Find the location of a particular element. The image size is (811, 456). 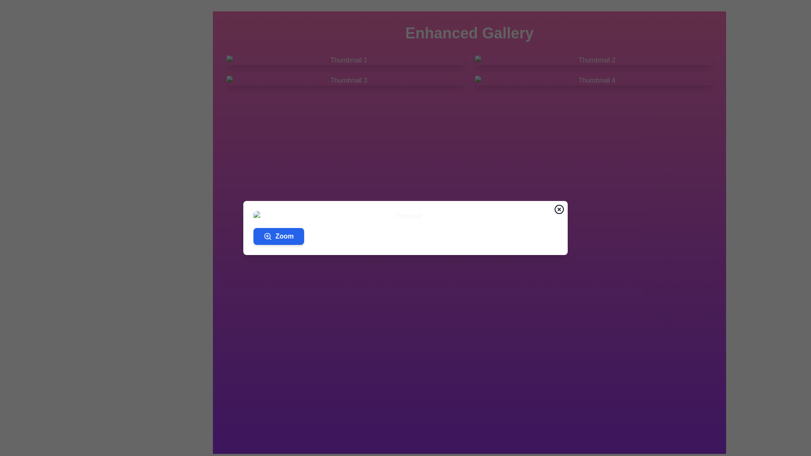

the interactive card in the first row and first column of the grid layout for accessibility navigation is located at coordinates (345, 60).